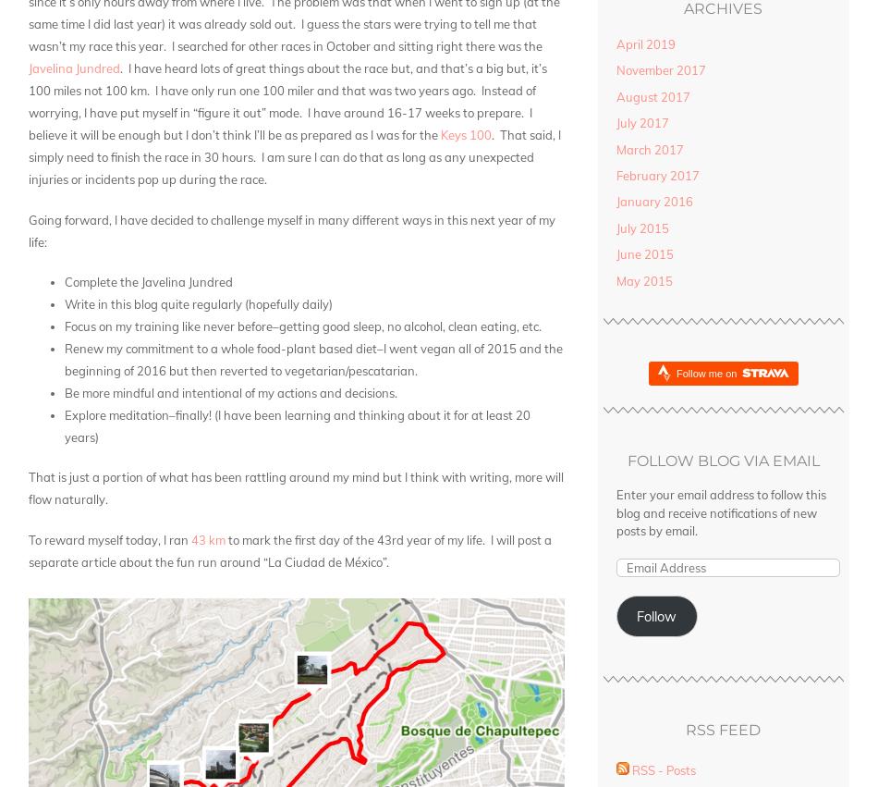  Describe the element at coordinates (706, 372) in the screenshot. I see `'Follow me on'` at that location.